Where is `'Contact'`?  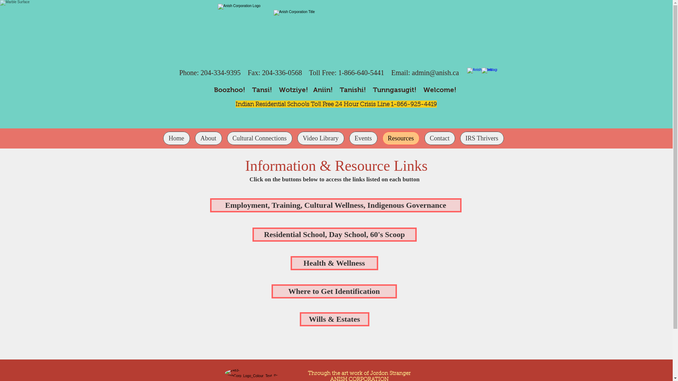
'Contact' is located at coordinates (439, 138).